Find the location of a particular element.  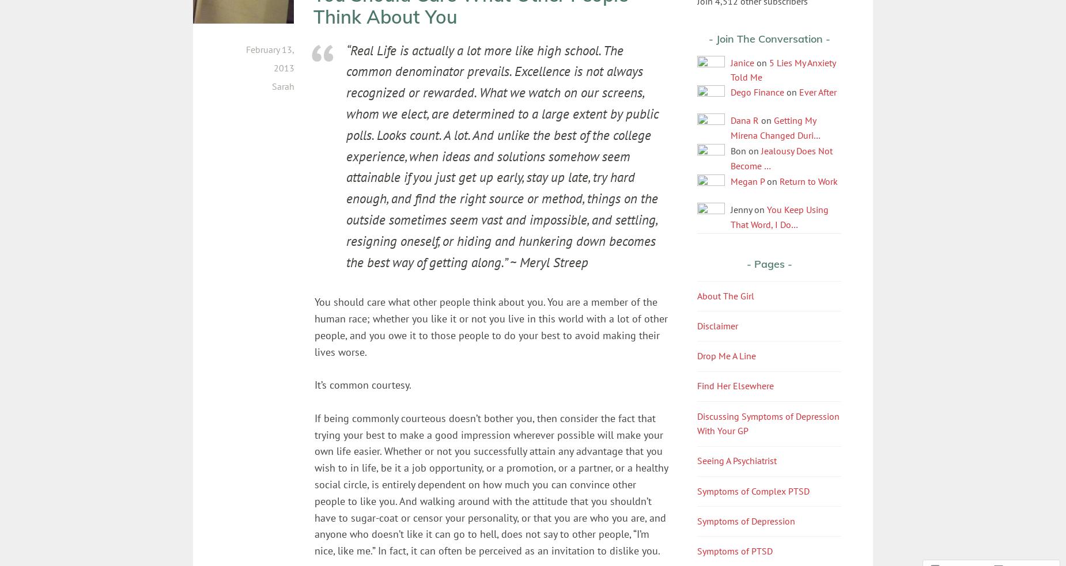

'You should care what other people think about you. You are a member of the human race; whether you like it or not you live in this world with a lot of other people, and you owe it to those people to do your best to avoid making their lives worse.' is located at coordinates (491, 326).